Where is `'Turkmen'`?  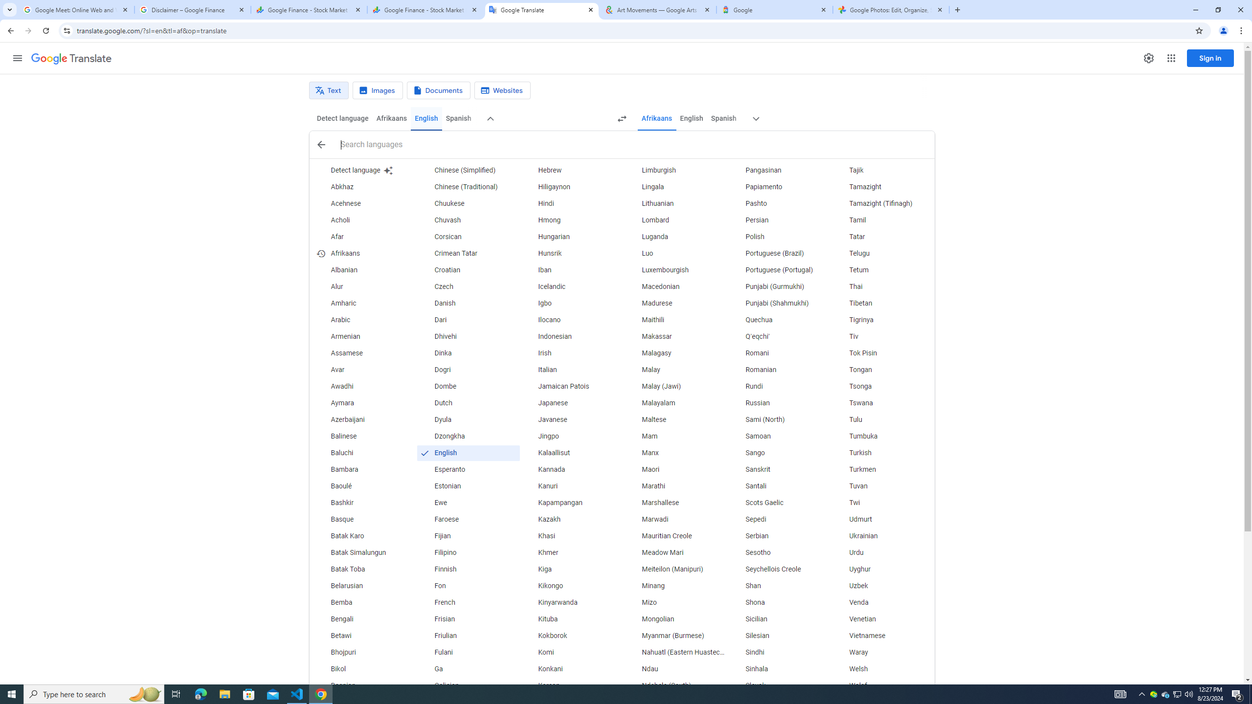 'Turkmen' is located at coordinates (882, 469).